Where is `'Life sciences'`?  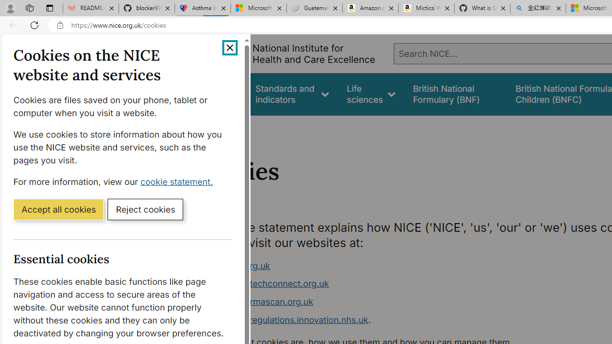
'Life sciences' is located at coordinates (371, 94).